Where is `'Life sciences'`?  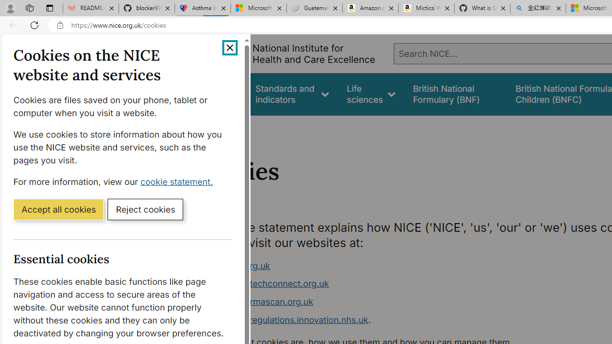
'Life sciences' is located at coordinates (371, 94).